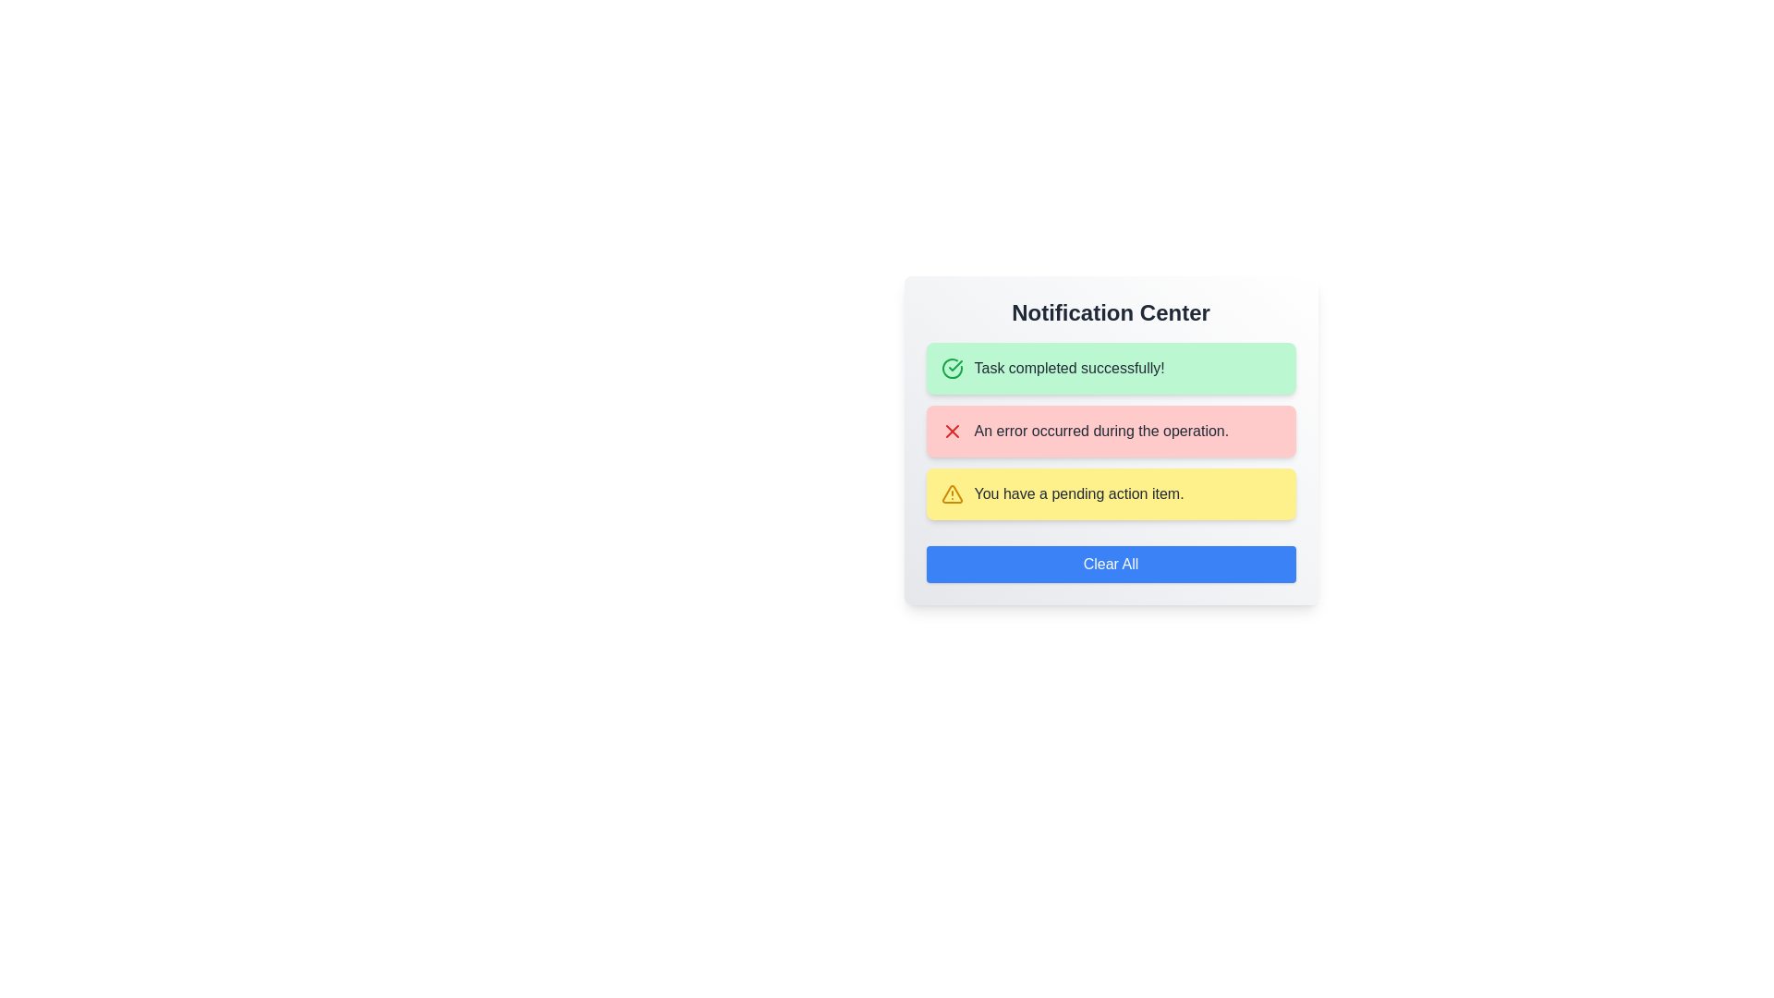  Describe the element at coordinates (952, 493) in the screenshot. I see `the triangular yellow warning icon with an exclamation point, located to the left of the text 'You have a pending action item' in the yellow notification card within the Notification Center` at that location.